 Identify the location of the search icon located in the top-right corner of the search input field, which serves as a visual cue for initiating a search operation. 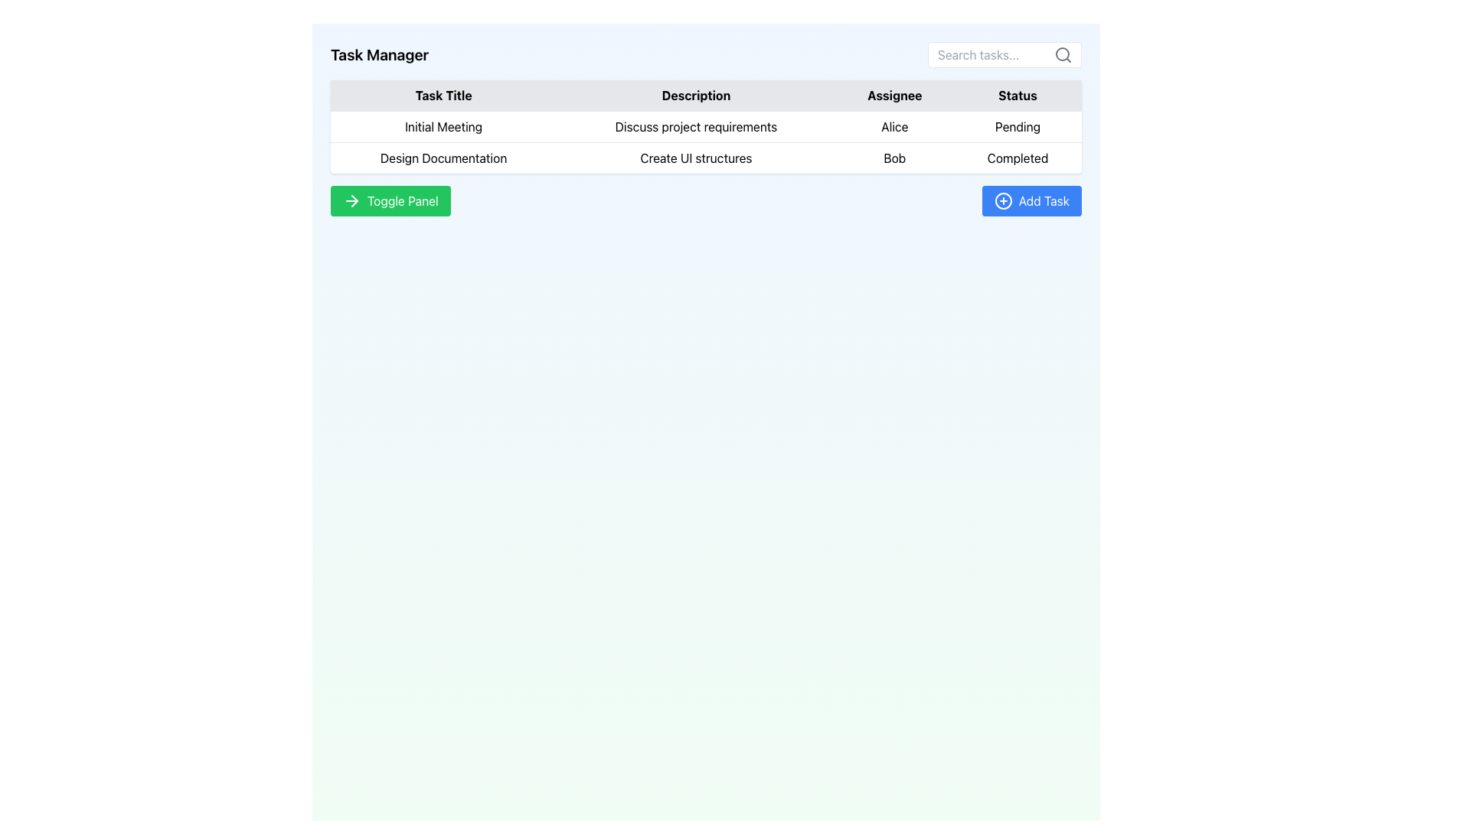
(1062, 54).